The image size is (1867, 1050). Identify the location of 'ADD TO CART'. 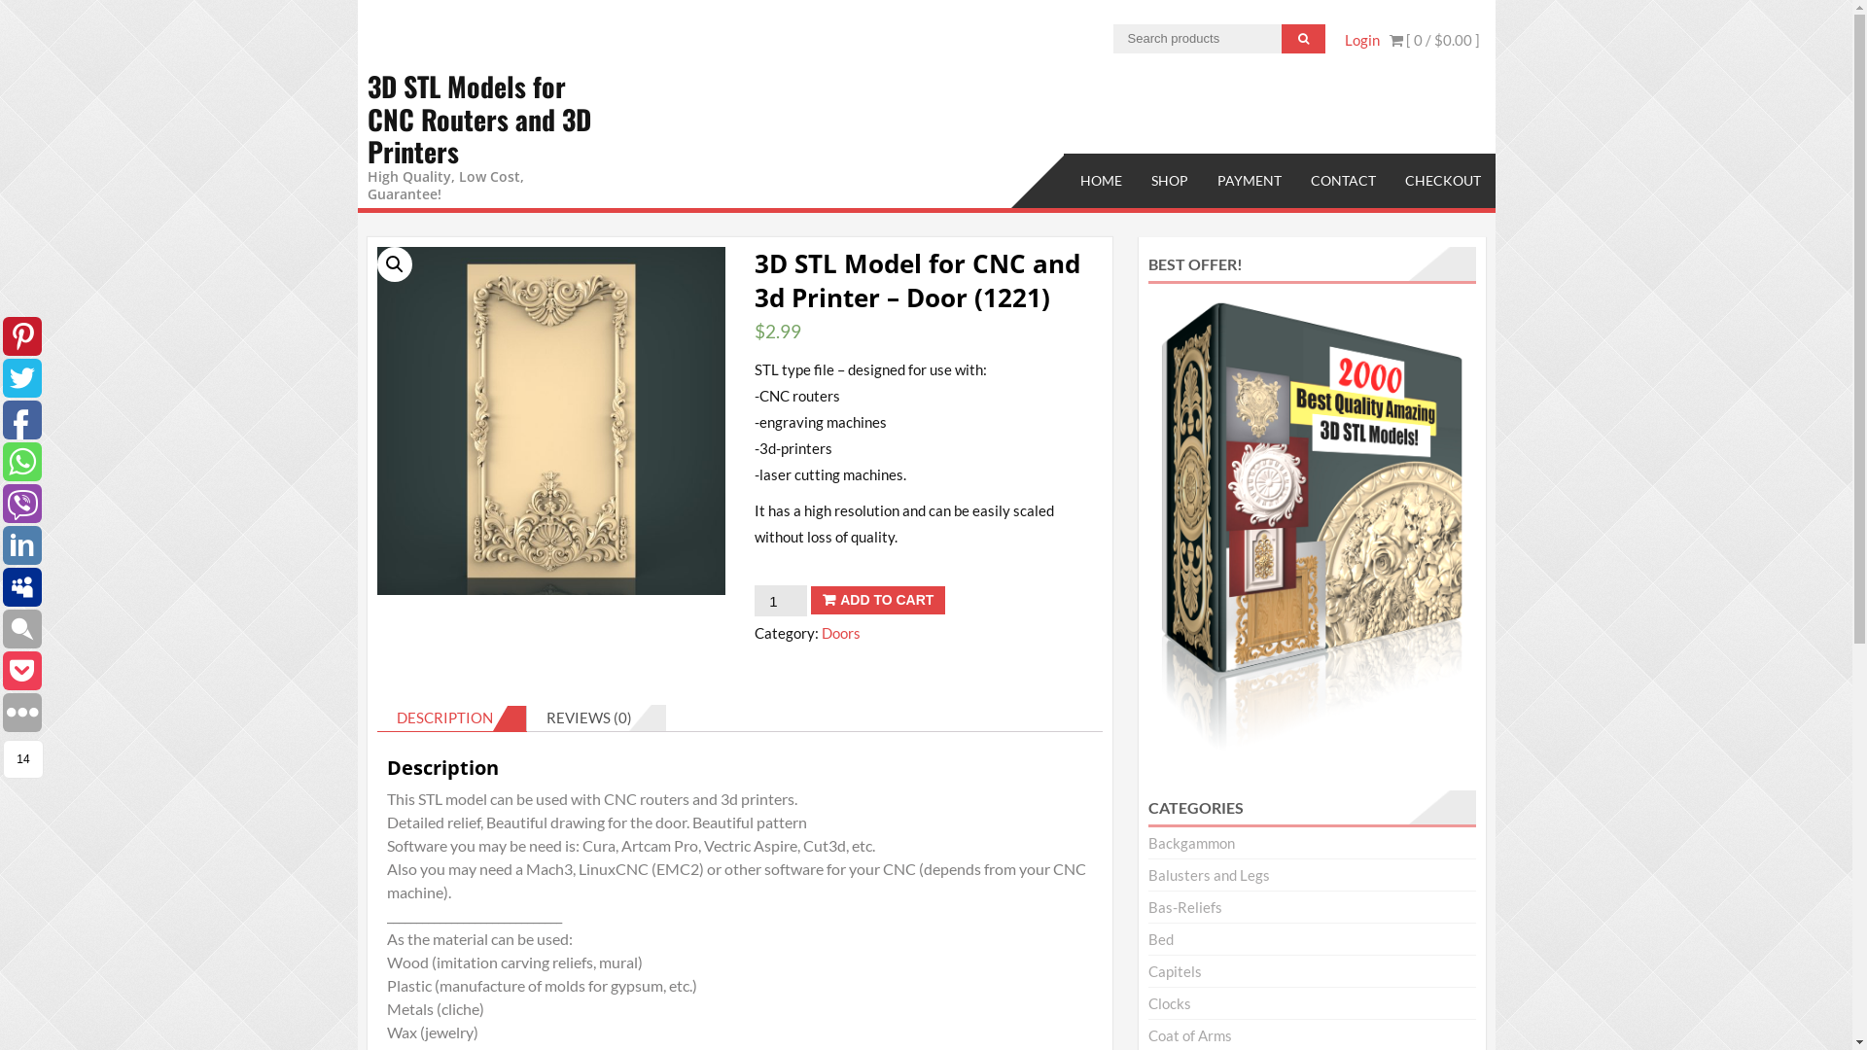
(876, 599).